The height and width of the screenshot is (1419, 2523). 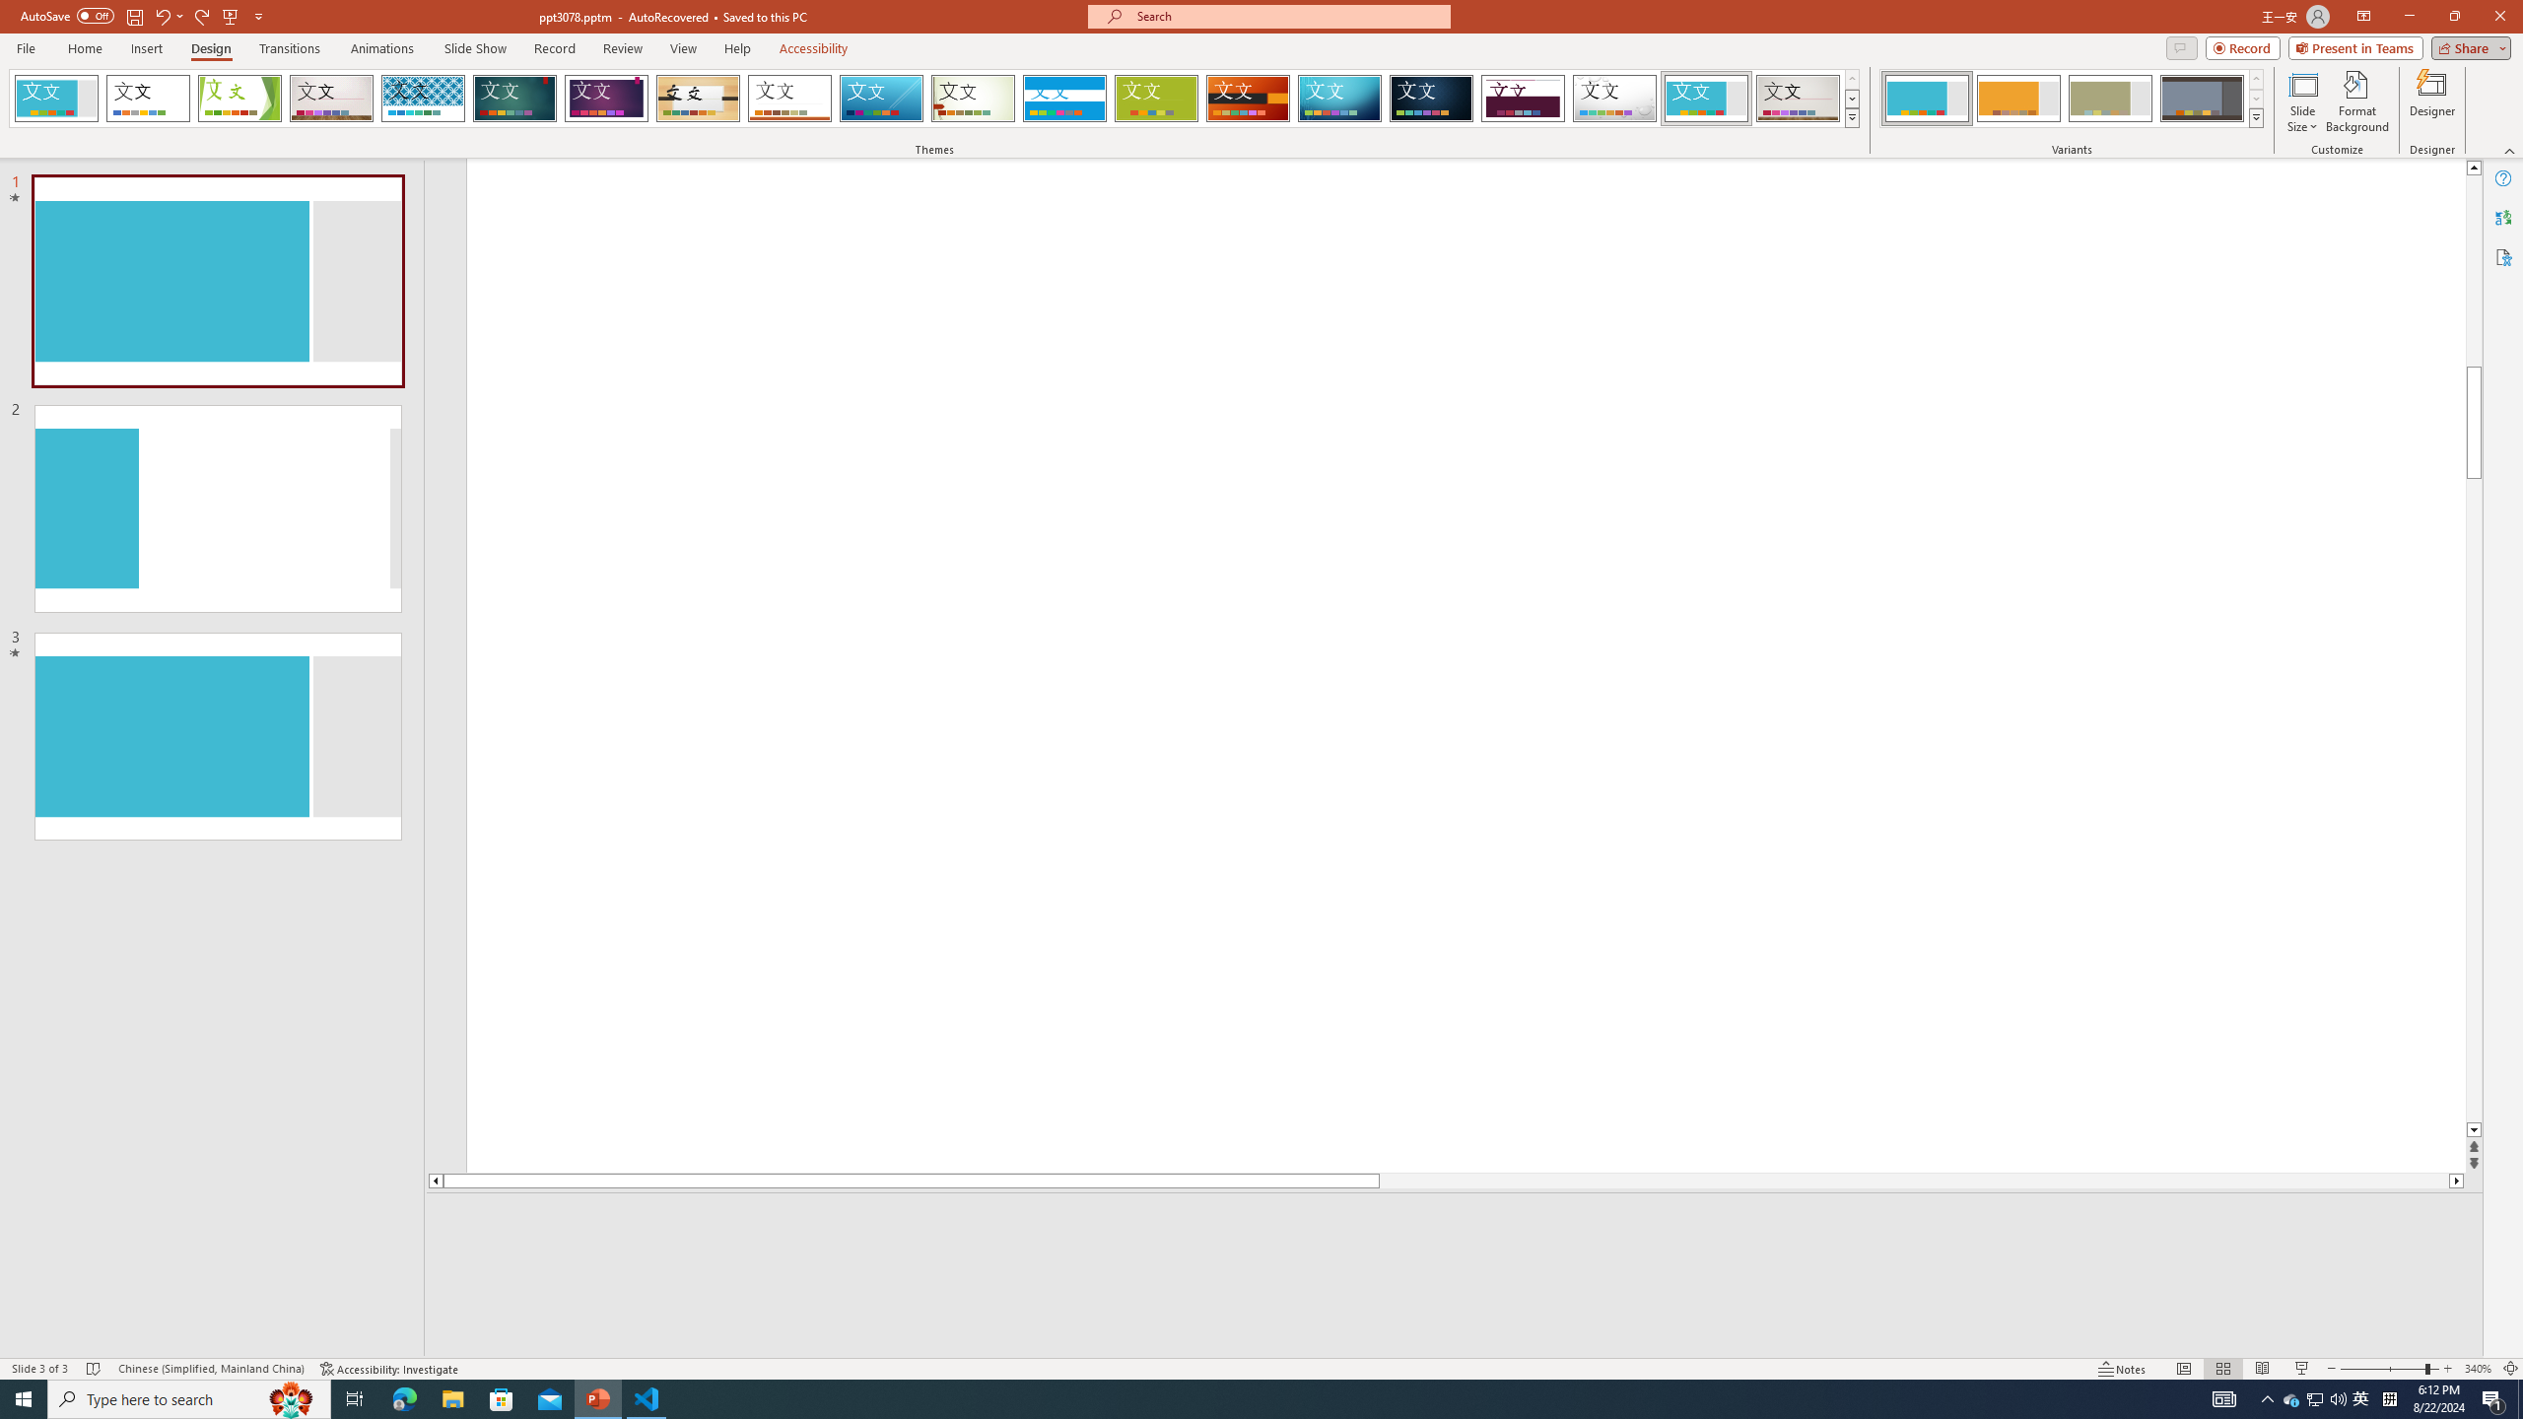 What do you see at coordinates (880, 98) in the screenshot?
I see `'Slice'` at bounding box center [880, 98].